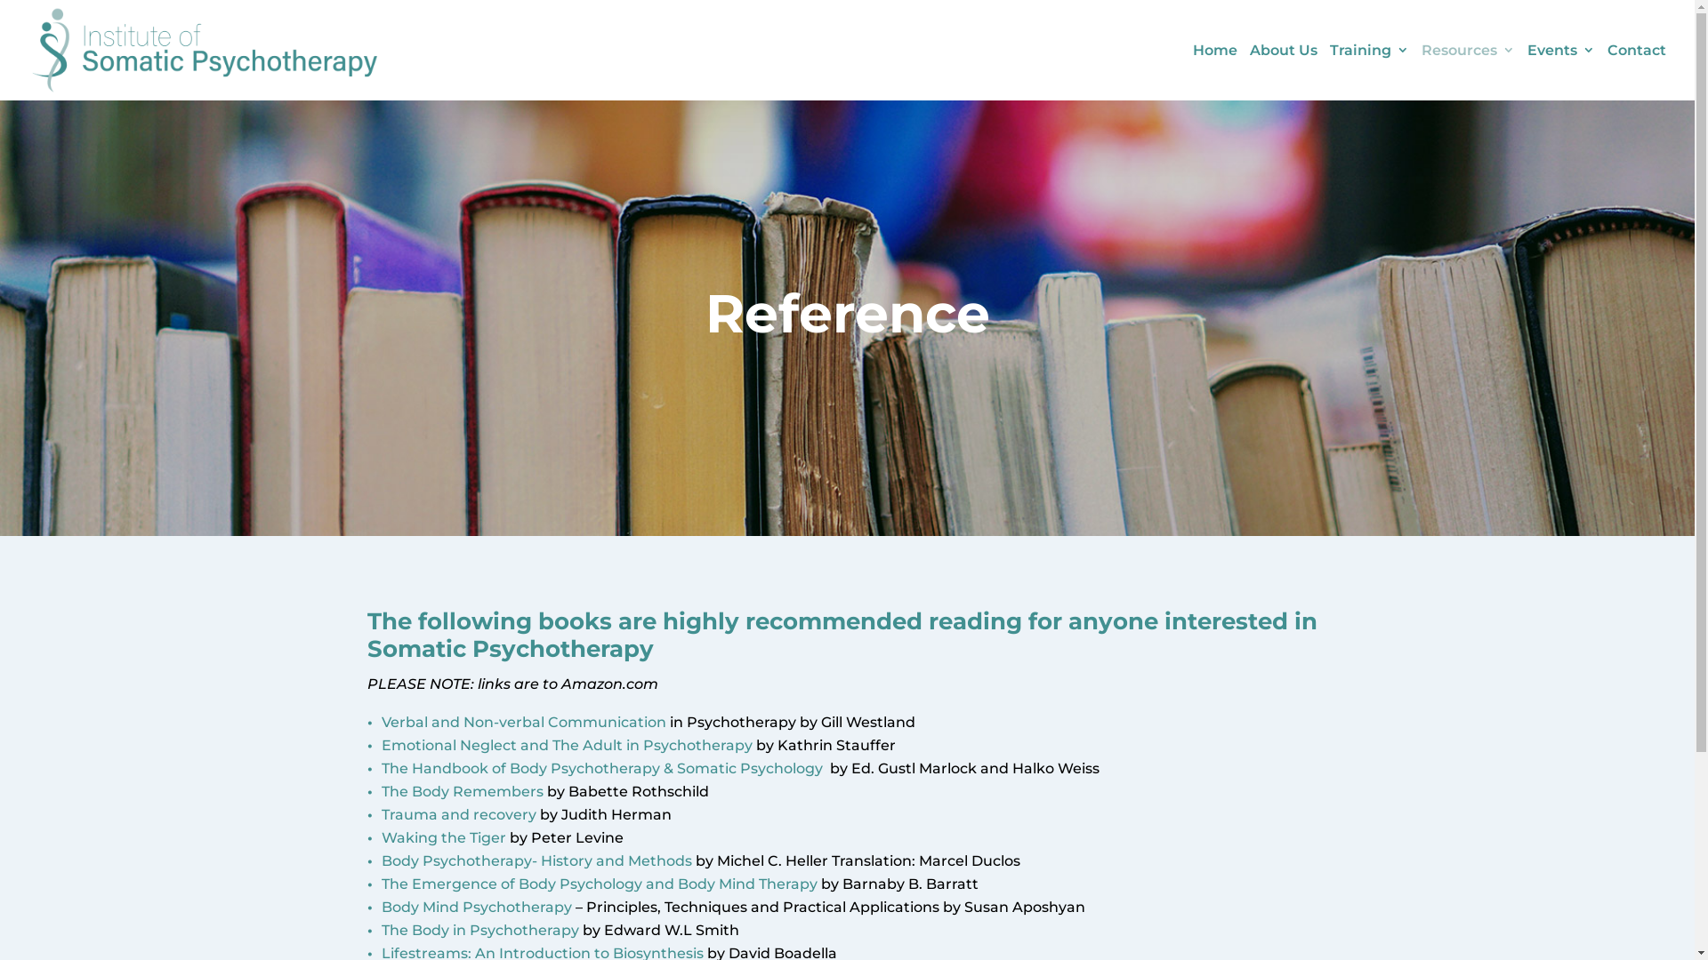  Describe the element at coordinates (1560, 71) in the screenshot. I see `'Events'` at that location.